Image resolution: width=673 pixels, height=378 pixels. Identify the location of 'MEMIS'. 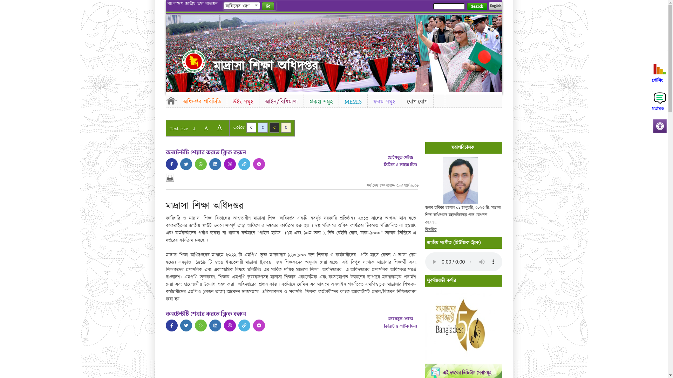
(353, 101).